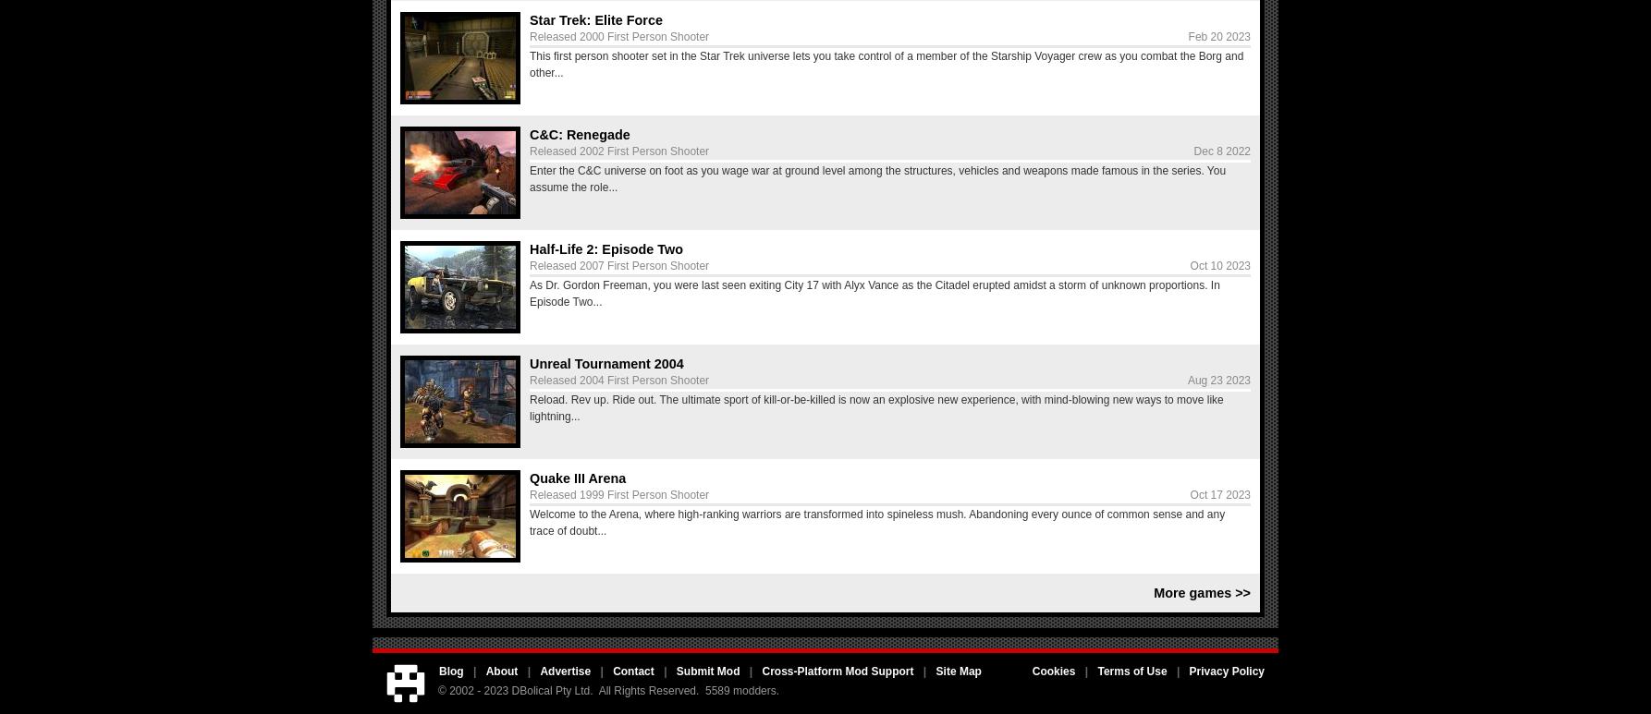  I want to click on 'Quake III Arena', so click(577, 478).